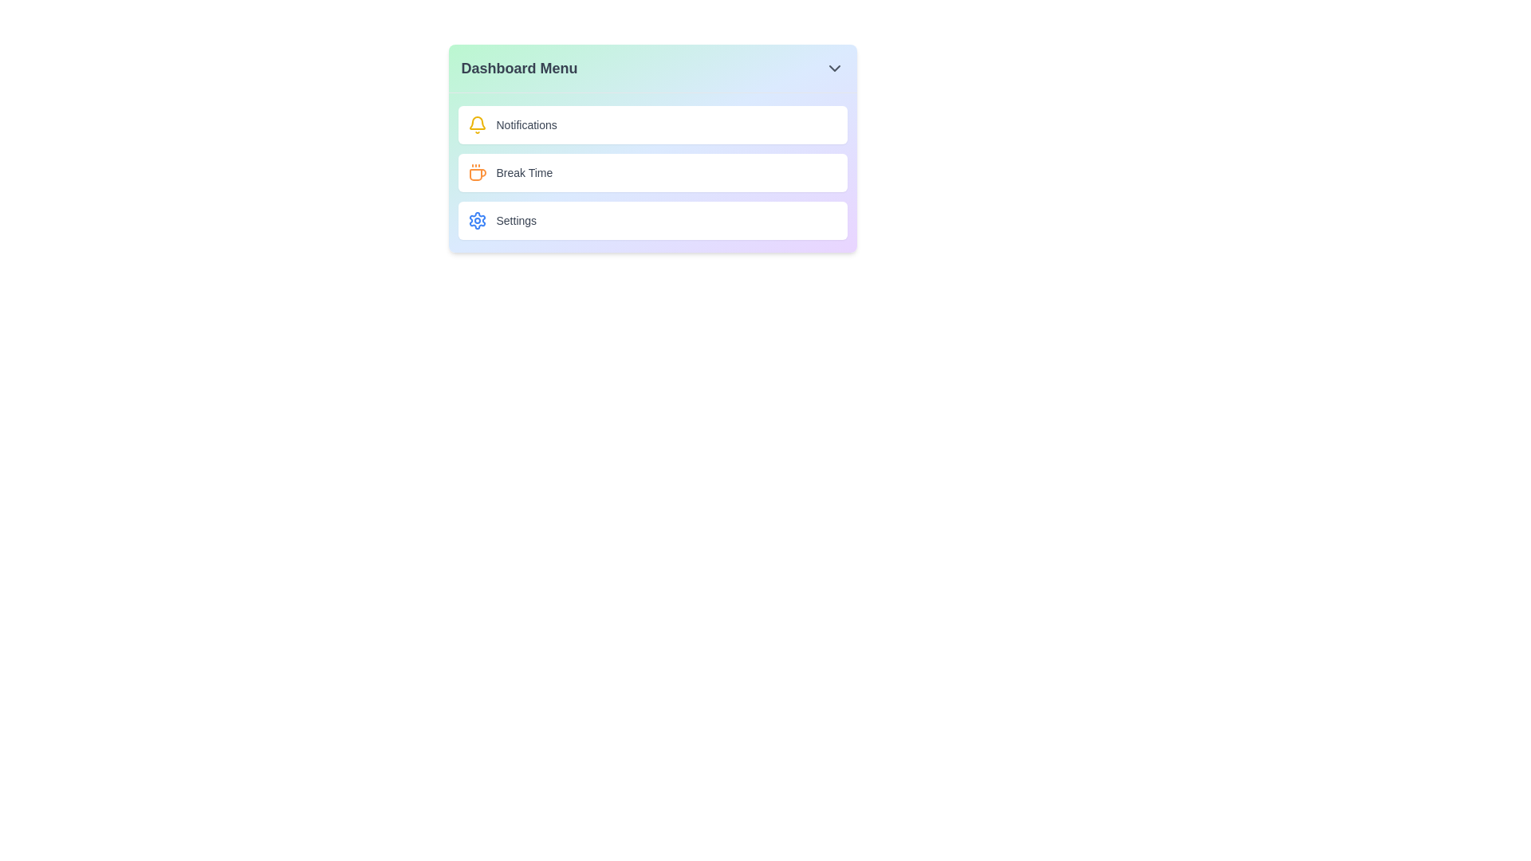 The width and height of the screenshot is (1531, 861). What do you see at coordinates (652, 221) in the screenshot?
I see `the 'Settings' button located as the third item in the vertical list of menu options, below 'Break Time' and 'Notifications'` at bounding box center [652, 221].